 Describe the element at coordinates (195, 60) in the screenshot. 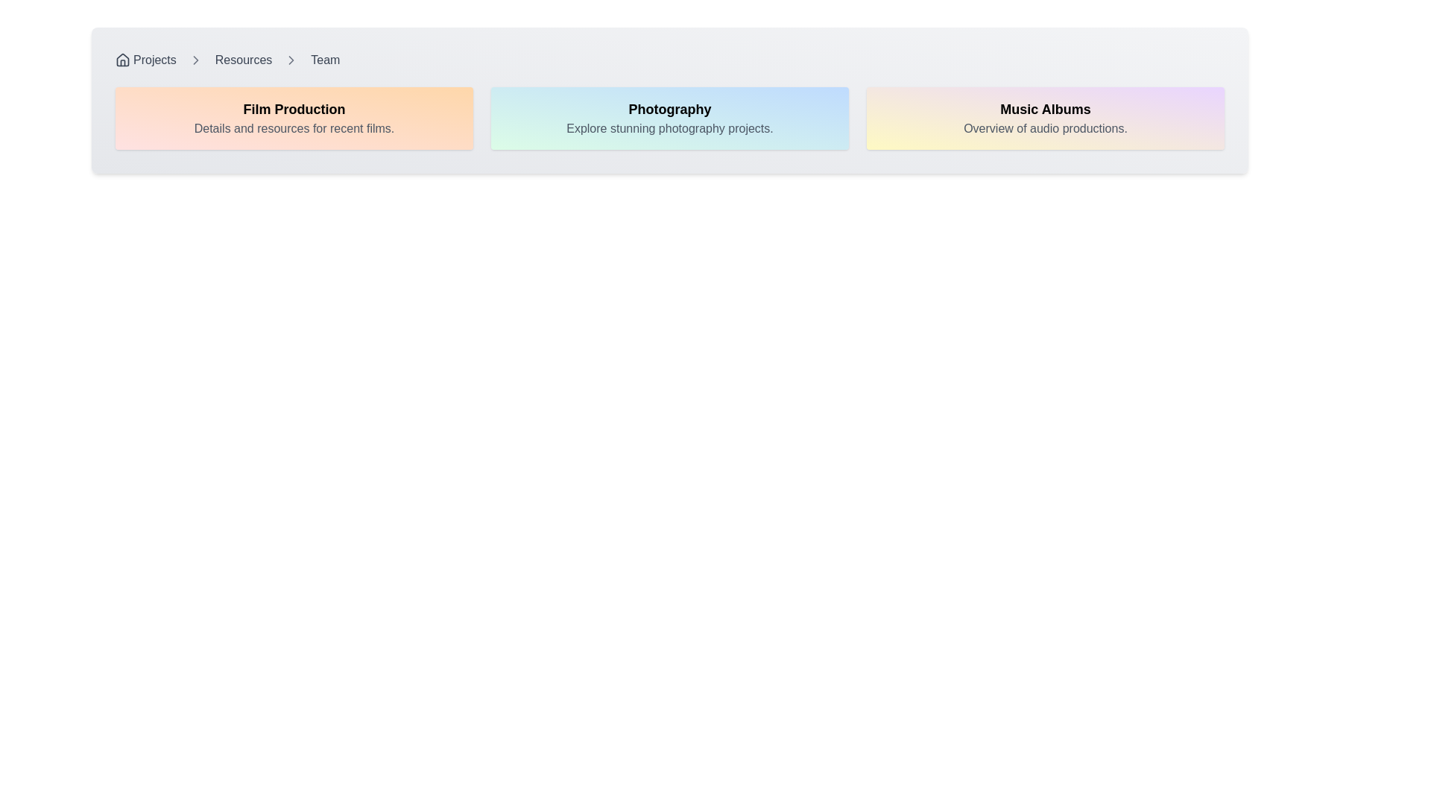

I see `the first chevron icon in the breadcrumb navigation that signifies the hierarchical relationship between 'Projects' and 'Resources'` at that location.